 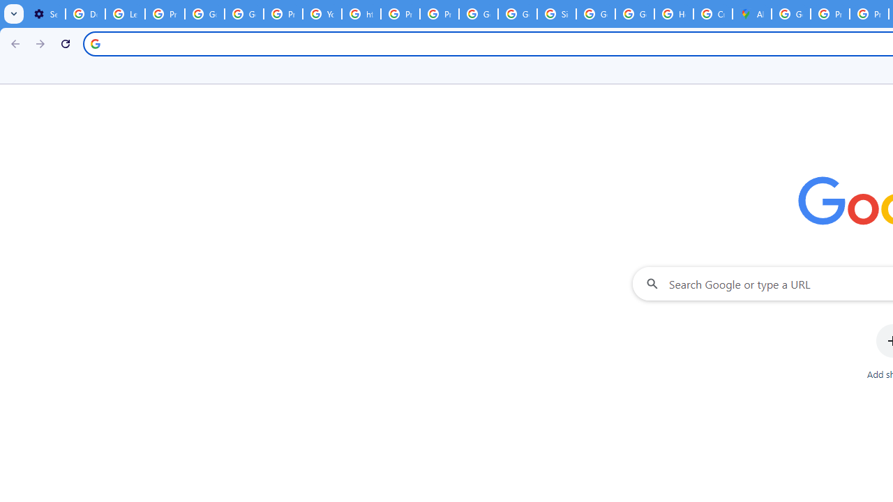 What do you see at coordinates (84, 14) in the screenshot?
I see `'Delete photos & videos - Computer - Google Photos Help'` at bounding box center [84, 14].